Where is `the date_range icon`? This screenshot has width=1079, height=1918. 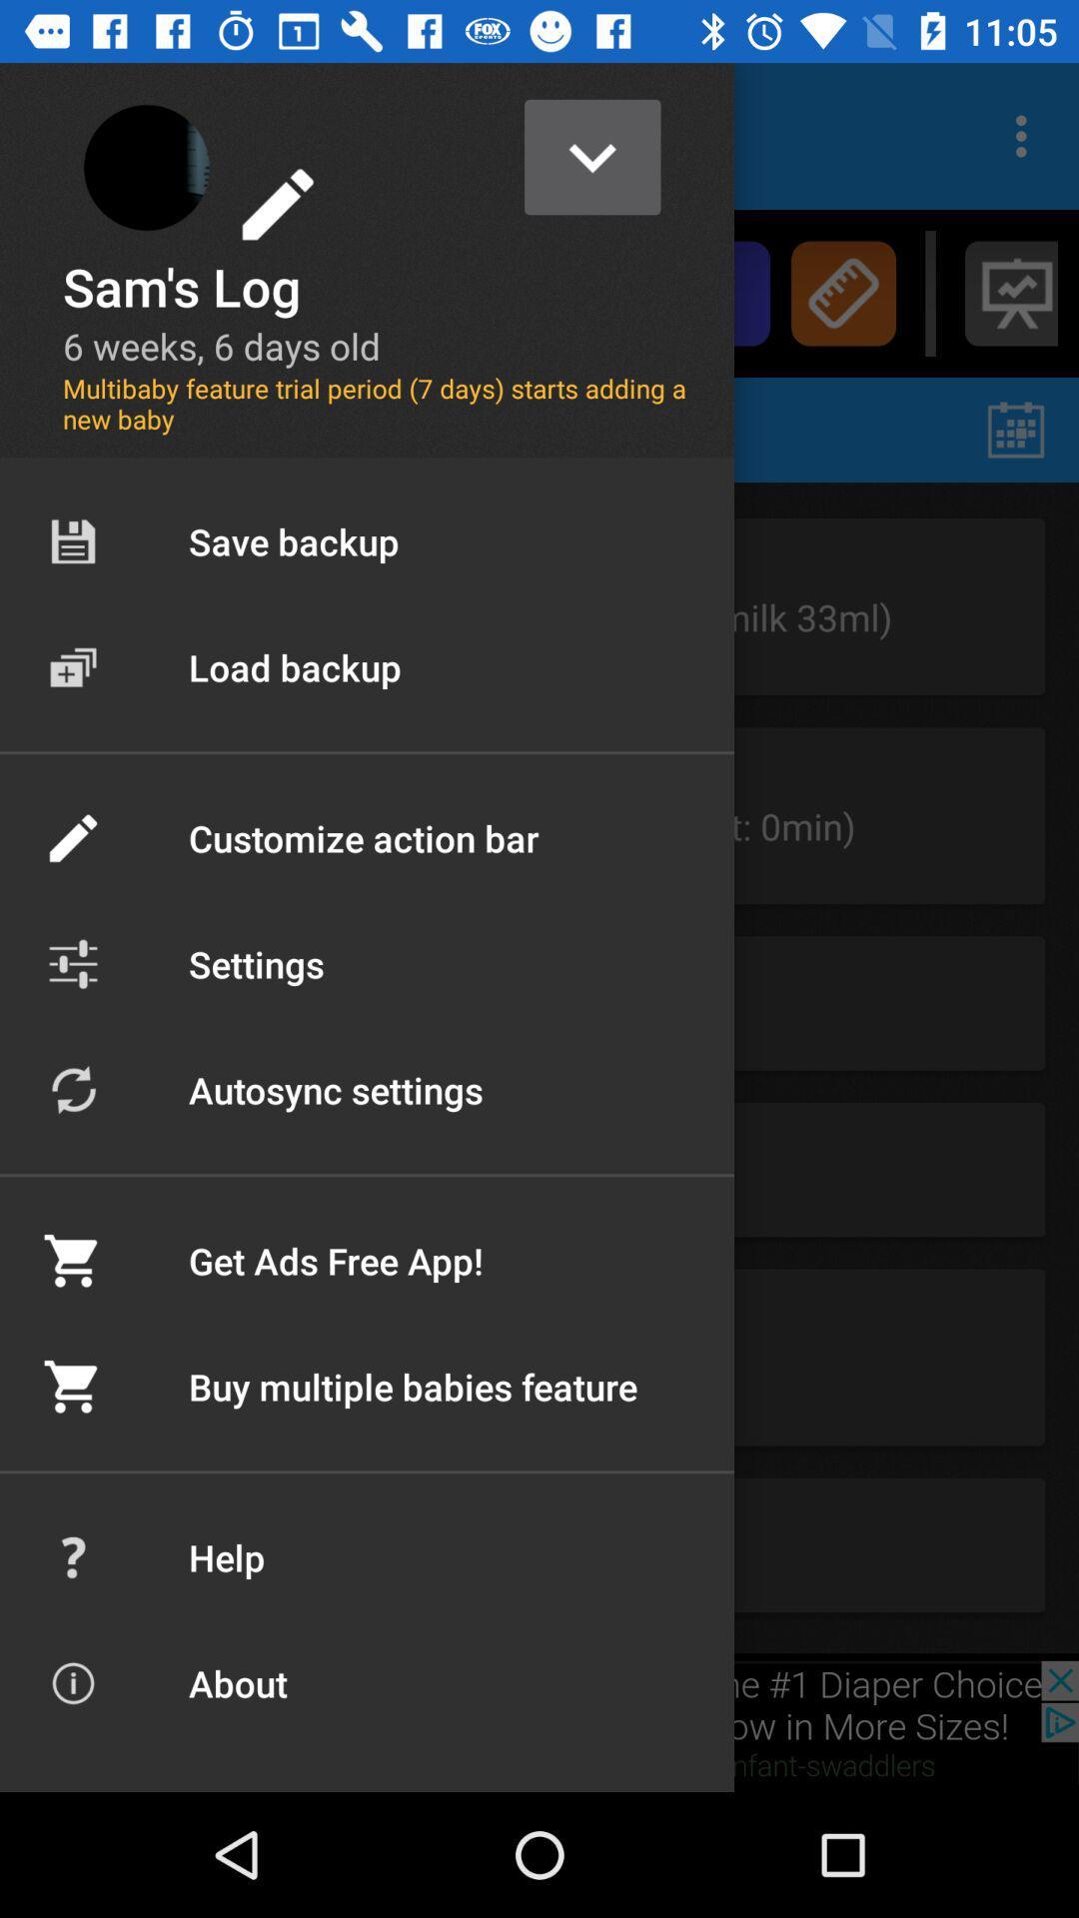 the date_range icon is located at coordinates (1016, 429).